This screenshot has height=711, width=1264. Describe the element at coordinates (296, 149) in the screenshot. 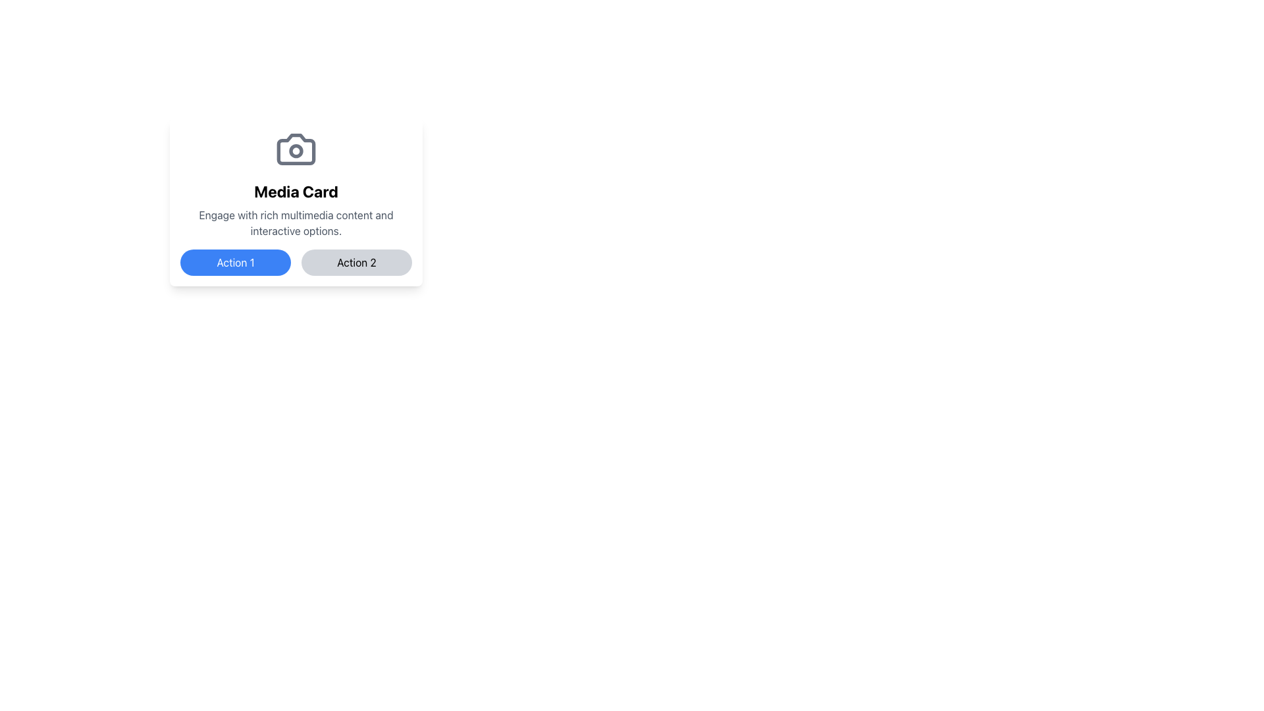

I see `the camera icon with a gray outline and circular lens detail, which is centrally located within the 'Media Card' component` at that location.